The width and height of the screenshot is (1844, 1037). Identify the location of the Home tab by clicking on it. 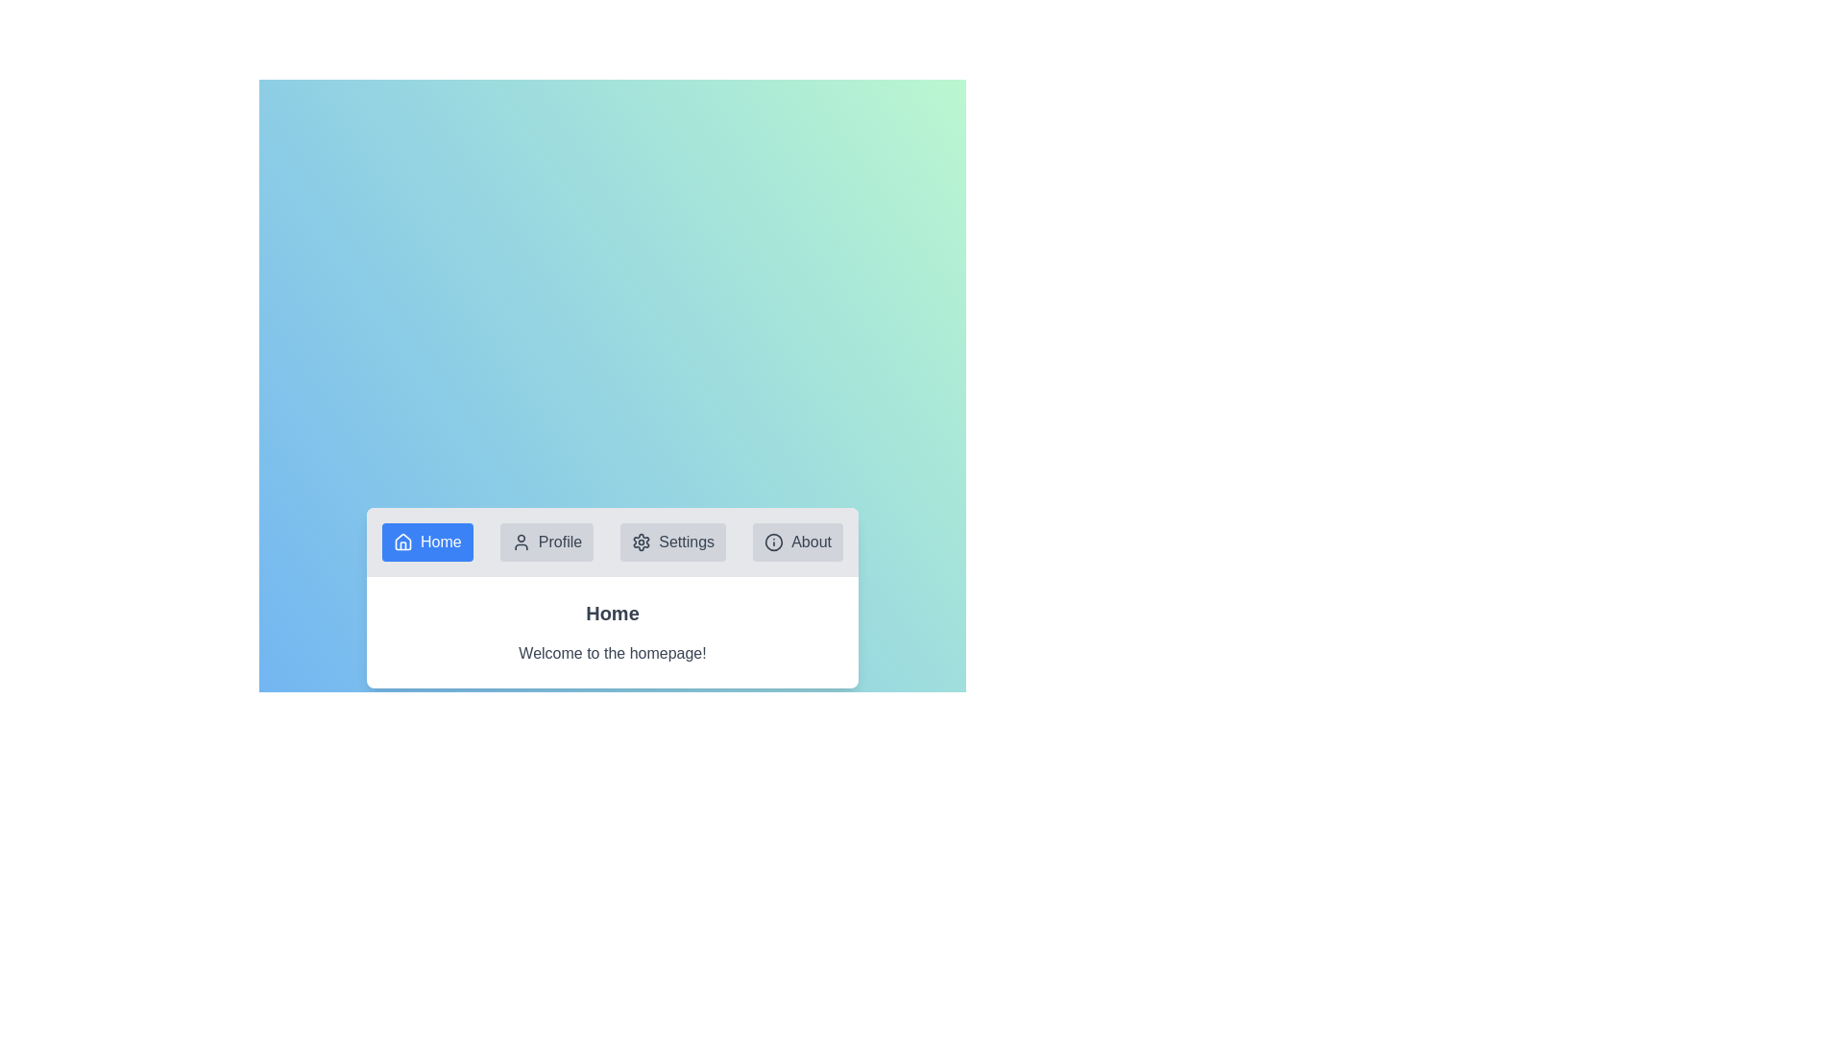
(426, 542).